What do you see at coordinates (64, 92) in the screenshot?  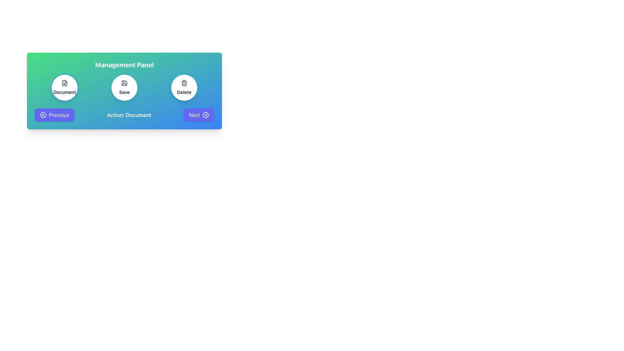 I see `the 'Document' text label, which is displayed in bold, small-sized gray font within the leftmost circular button of the 'Management Panel', located below the document icon` at bounding box center [64, 92].